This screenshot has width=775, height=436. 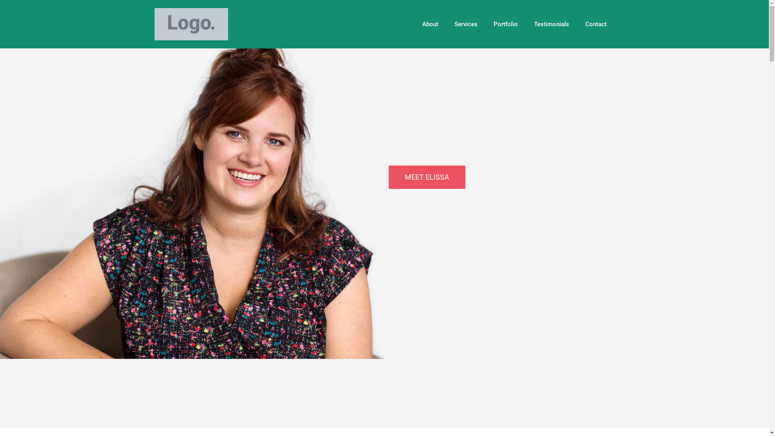 I want to click on 'Testimonials', so click(x=525, y=24).